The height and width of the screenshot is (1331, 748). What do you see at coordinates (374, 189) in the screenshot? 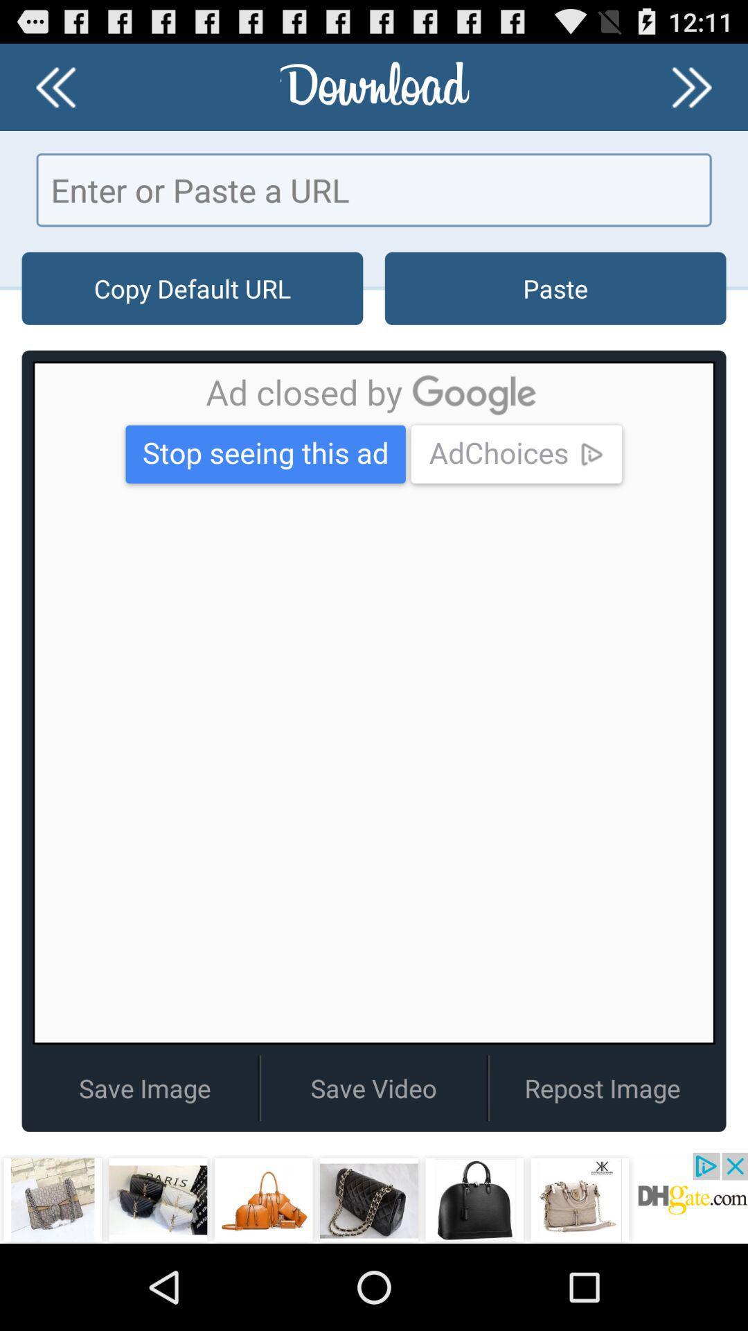
I see `search the information` at bounding box center [374, 189].